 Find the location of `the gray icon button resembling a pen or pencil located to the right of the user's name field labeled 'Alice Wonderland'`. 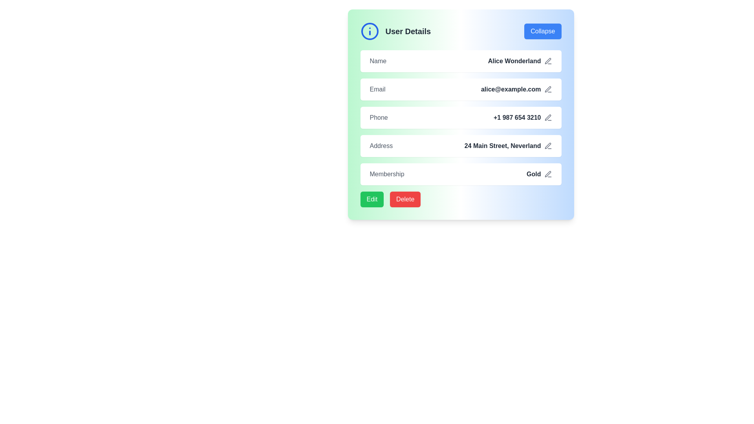

the gray icon button resembling a pen or pencil located to the right of the user's name field labeled 'Alice Wonderland' is located at coordinates (547, 60).